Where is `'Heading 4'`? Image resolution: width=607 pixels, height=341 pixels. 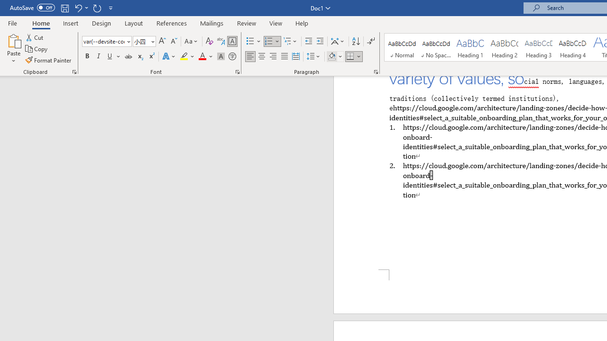
'Heading 4' is located at coordinates (572, 47).